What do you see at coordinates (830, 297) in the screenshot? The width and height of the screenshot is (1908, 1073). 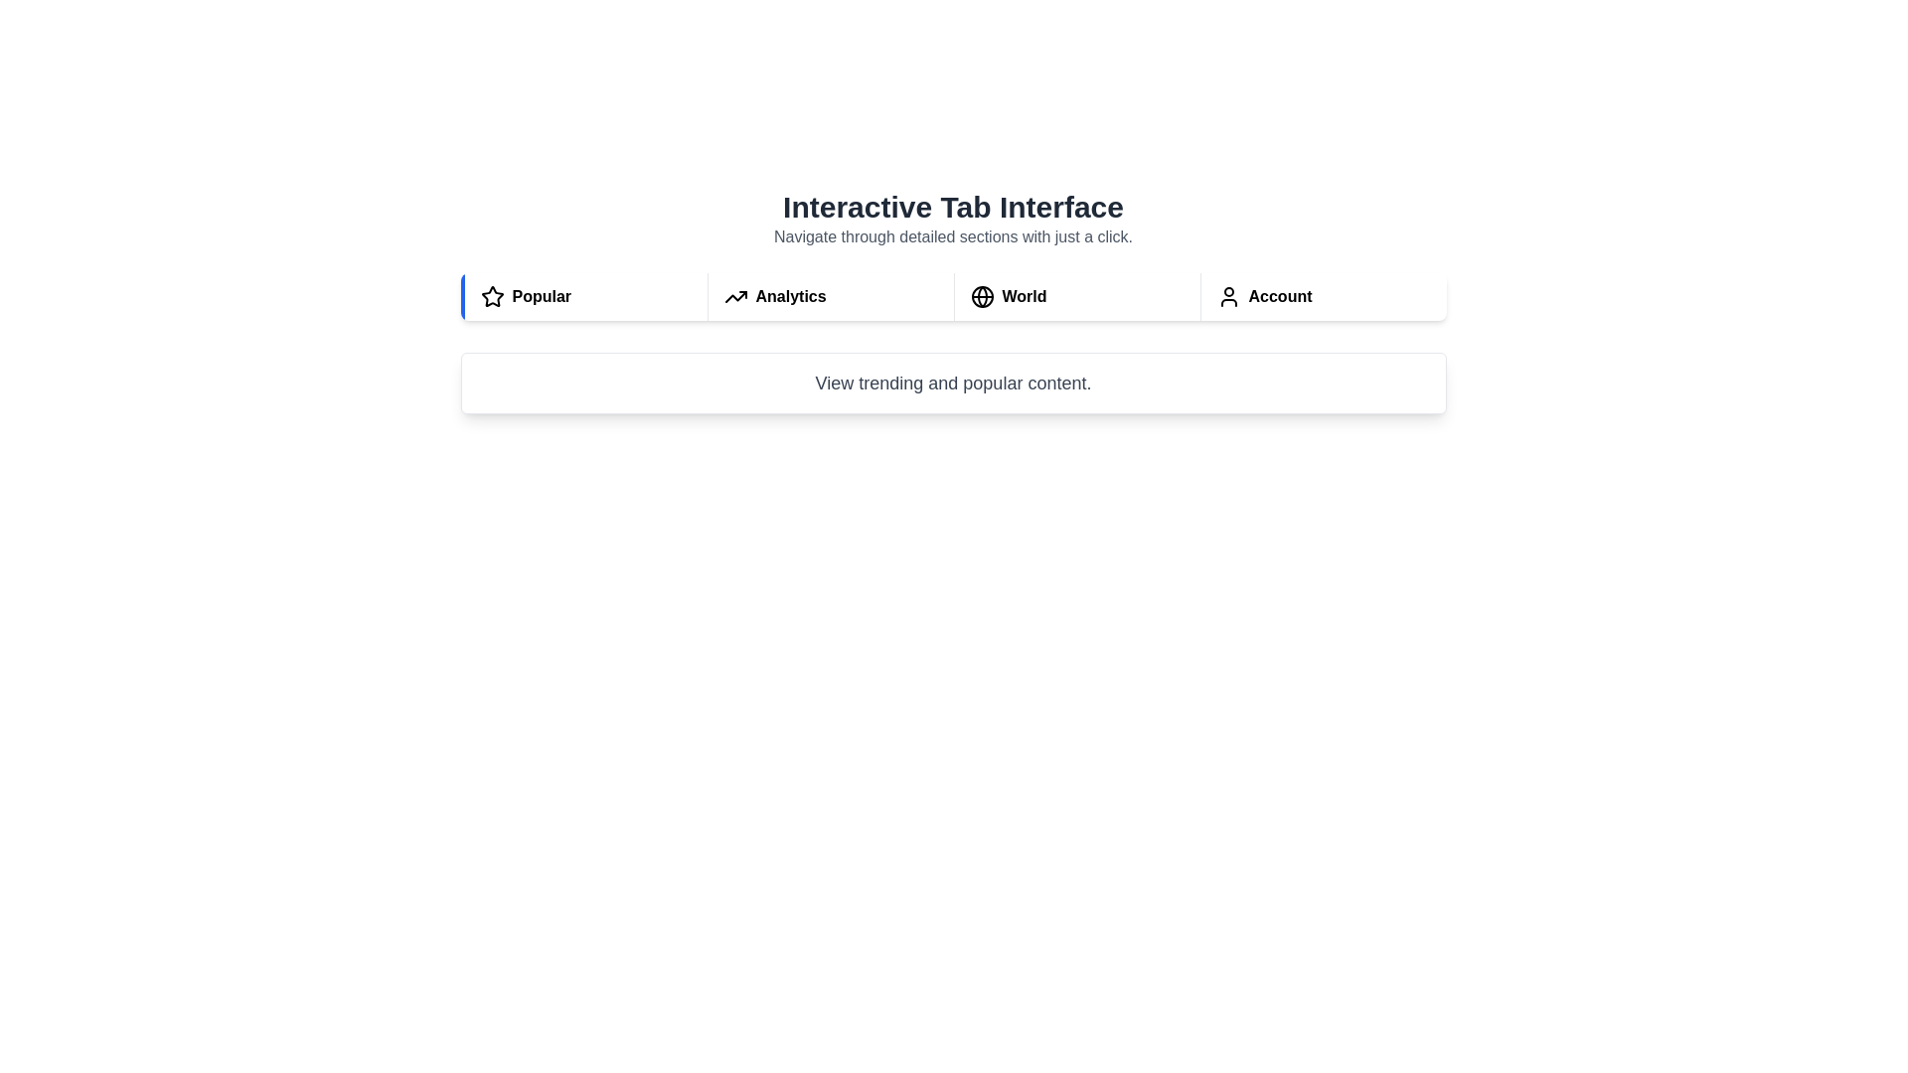 I see `the Analytics tab` at bounding box center [830, 297].